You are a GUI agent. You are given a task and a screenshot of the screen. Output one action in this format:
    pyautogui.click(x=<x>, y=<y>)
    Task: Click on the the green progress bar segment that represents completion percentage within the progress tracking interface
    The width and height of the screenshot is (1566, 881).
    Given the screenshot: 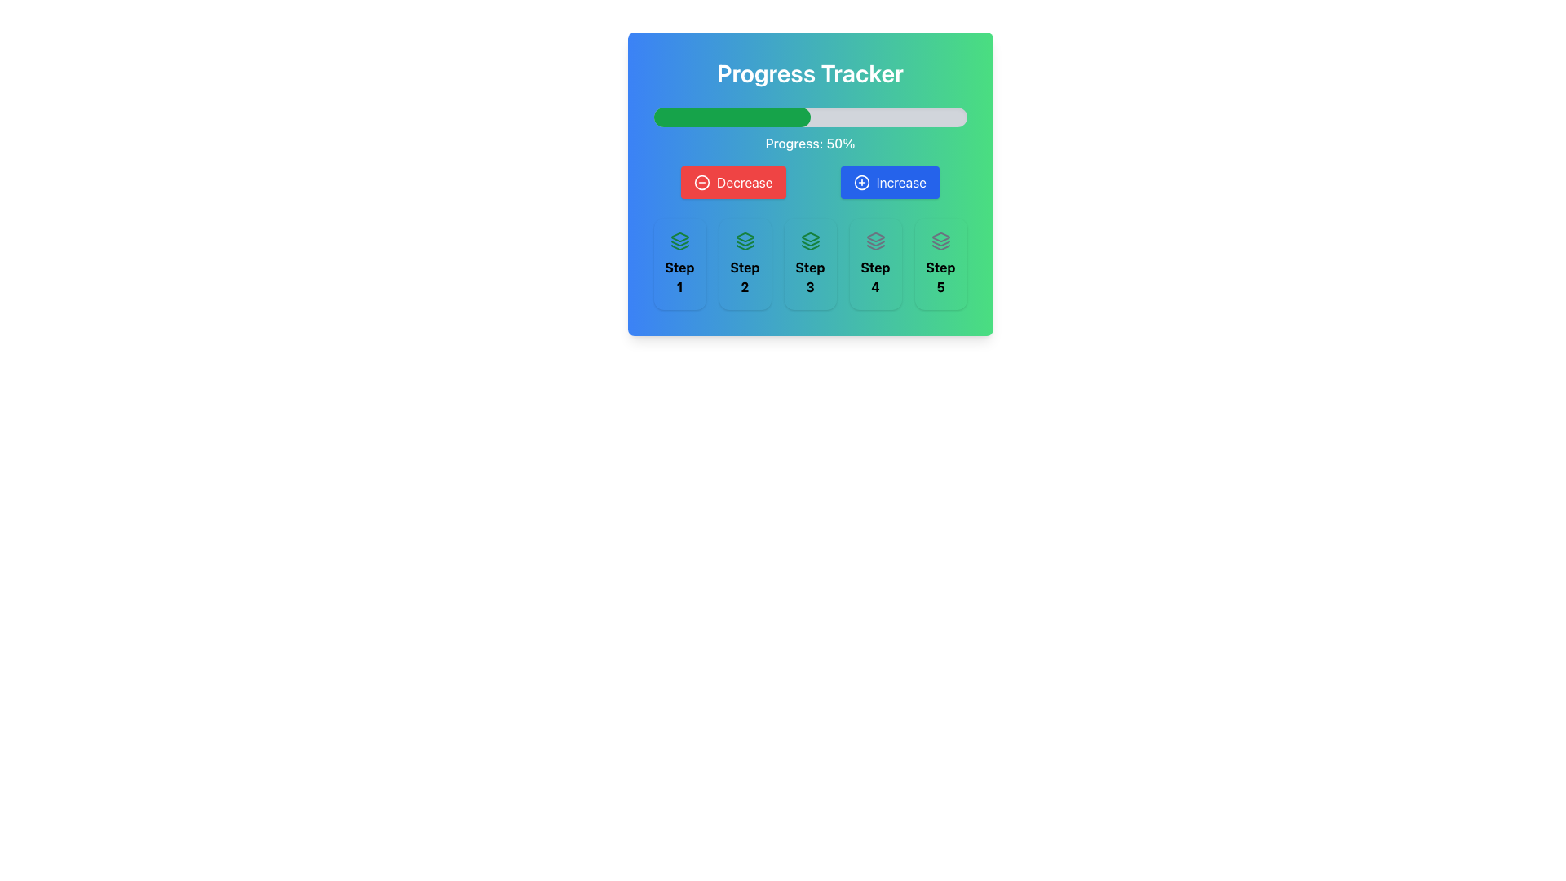 What is the action you would take?
    pyautogui.click(x=731, y=116)
    